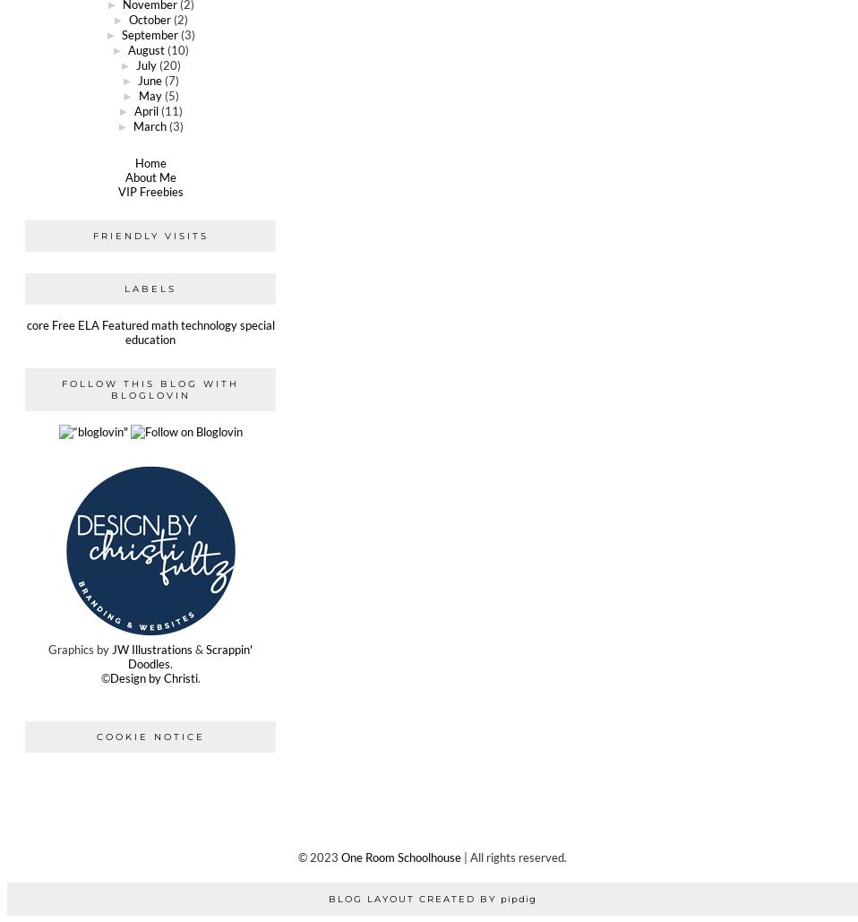 This screenshot has height=922, width=858. What do you see at coordinates (162, 325) in the screenshot?
I see `'math'` at bounding box center [162, 325].